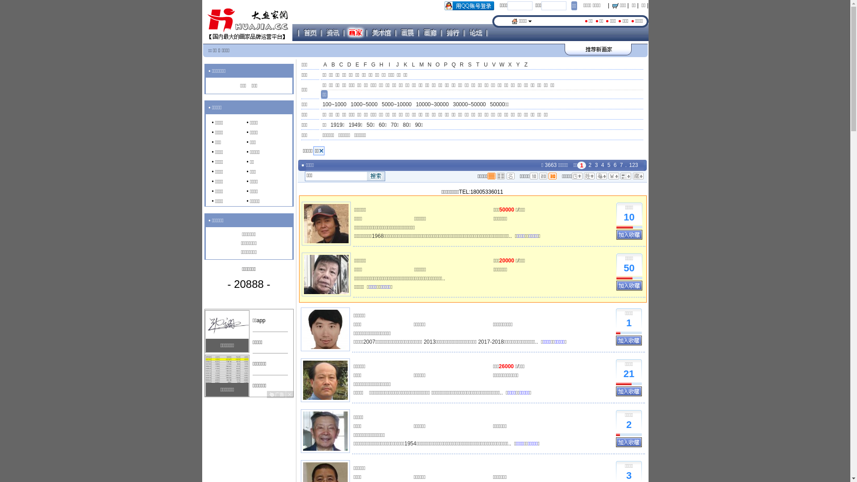 This screenshot has width=857, height=482. What do you see at coordinates (596, 165) in the screenshot?
I see `'3'` at bounding box center [596, 165].